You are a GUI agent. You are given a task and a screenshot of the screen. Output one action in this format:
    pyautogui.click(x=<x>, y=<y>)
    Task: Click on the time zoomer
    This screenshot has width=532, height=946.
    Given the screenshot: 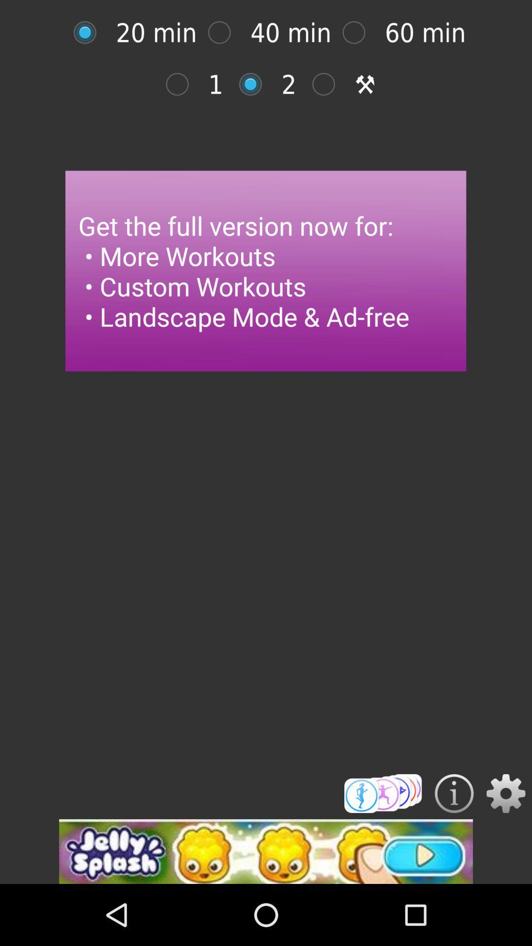 What is the action you would take?
    pyautogui.click(x=359, y=33)
    